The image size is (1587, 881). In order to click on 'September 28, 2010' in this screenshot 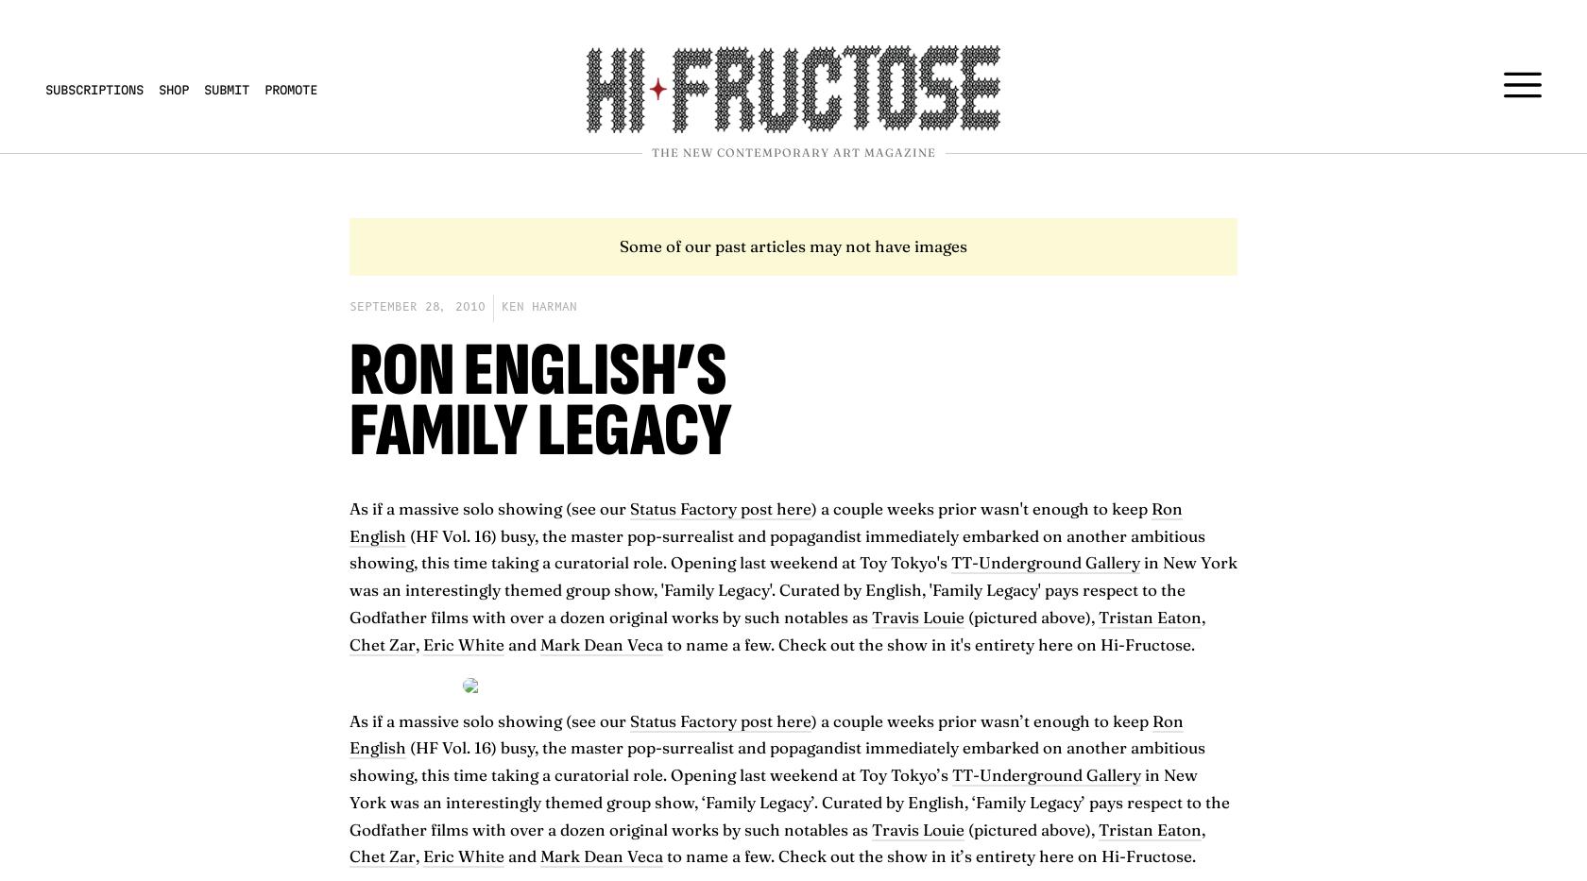, I will do `click(418, 305)`.